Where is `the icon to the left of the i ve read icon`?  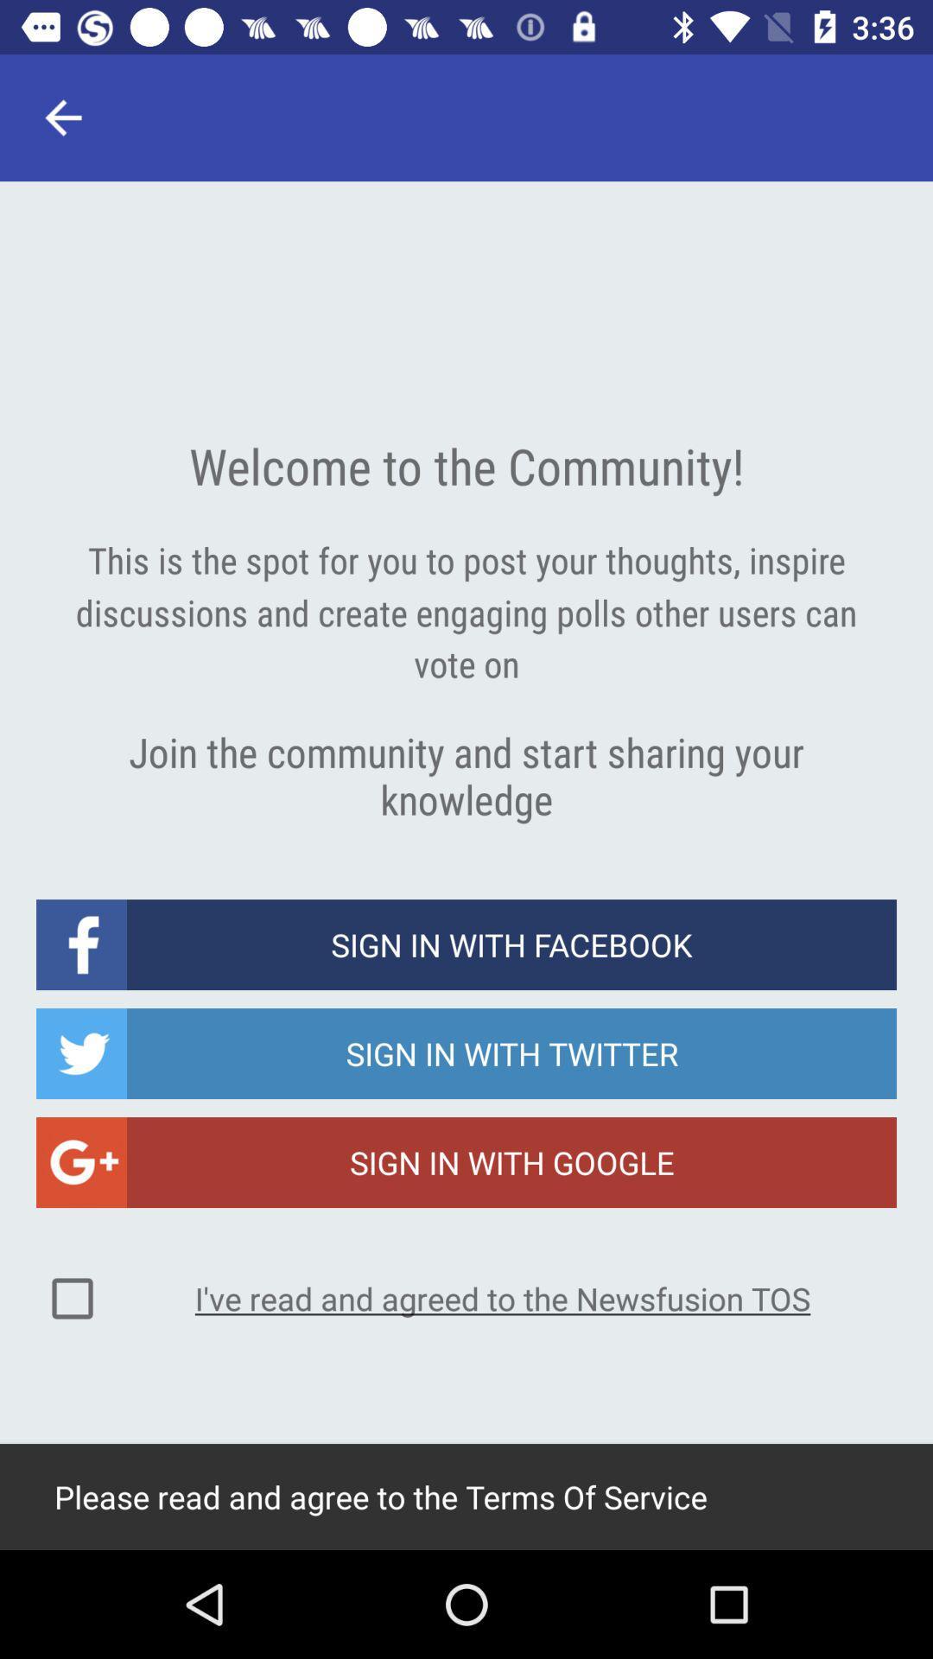 the icon to the left of the i ve read icon is located at coordinates (72, 1298).